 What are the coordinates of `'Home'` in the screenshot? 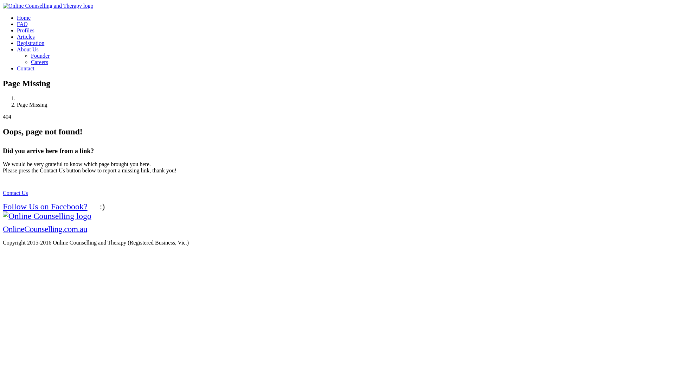 It's located at (24, 17).